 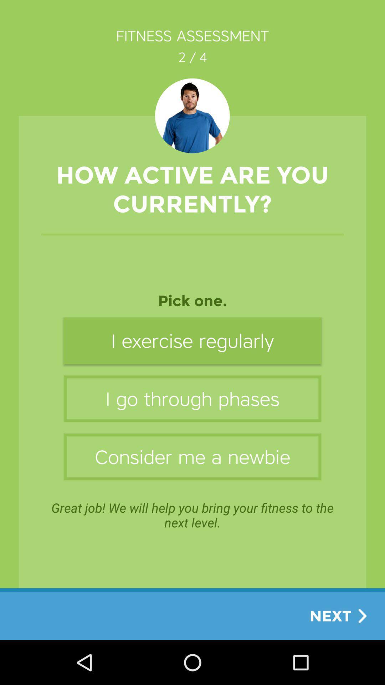 I want to click on the item above consider me a item, so click(x=192, y=398).